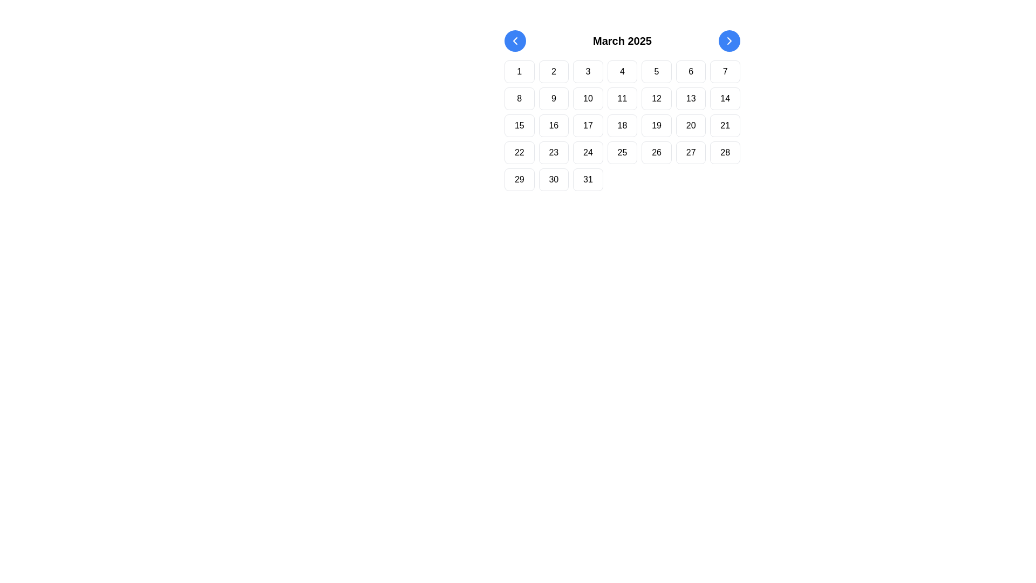 This screenshot has height=583, width=1036. Describe the element at coordinates (515, 40) in the screenshot. I see `the blue circular button with a white leftward arrow icon` at that location.